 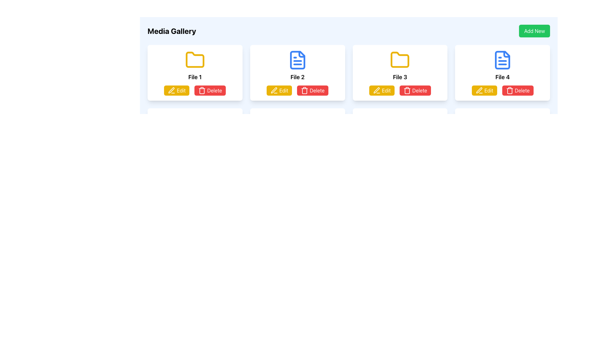 What do you see at coordinates (502, 60) in the screenshot?
I see `the blue icon resembling a stylized document with lines representing text and a folded corner, which is the first element within the card labeled 'File 4' under the heading 'Media Gallery'` at bounding box center [502, 60].